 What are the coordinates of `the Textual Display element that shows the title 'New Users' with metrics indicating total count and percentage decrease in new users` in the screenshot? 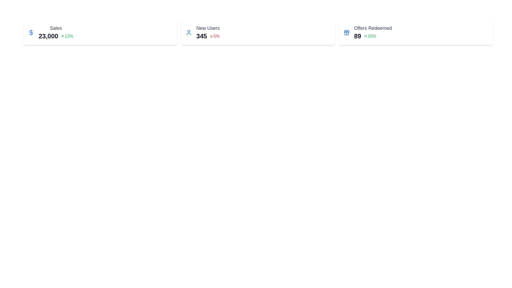 It's located at (208, 33).